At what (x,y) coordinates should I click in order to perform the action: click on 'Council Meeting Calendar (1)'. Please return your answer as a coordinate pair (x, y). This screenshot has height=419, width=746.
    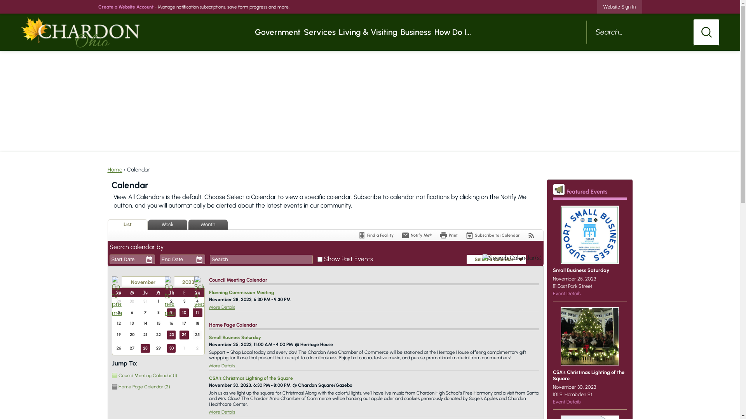
    Looking at the image, I should click on (156, 375).